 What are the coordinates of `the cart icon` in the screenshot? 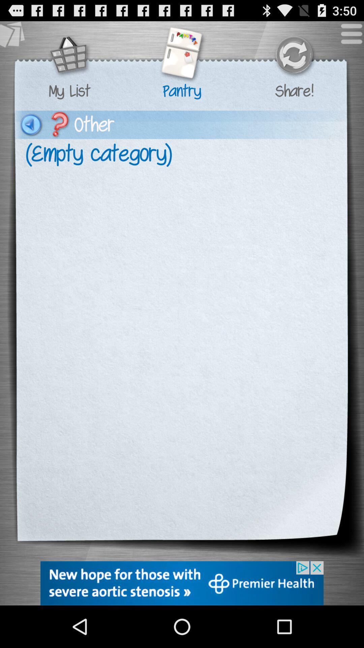 It's located at (69, 60).